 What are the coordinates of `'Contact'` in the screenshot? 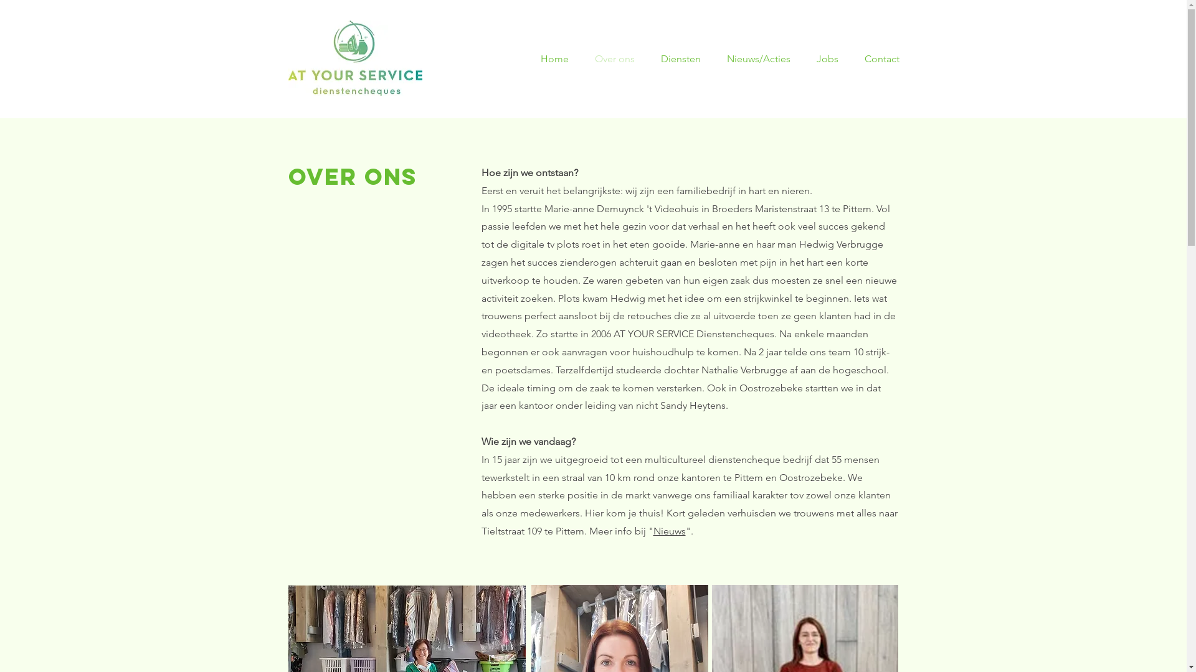 It's located at (884, 59).